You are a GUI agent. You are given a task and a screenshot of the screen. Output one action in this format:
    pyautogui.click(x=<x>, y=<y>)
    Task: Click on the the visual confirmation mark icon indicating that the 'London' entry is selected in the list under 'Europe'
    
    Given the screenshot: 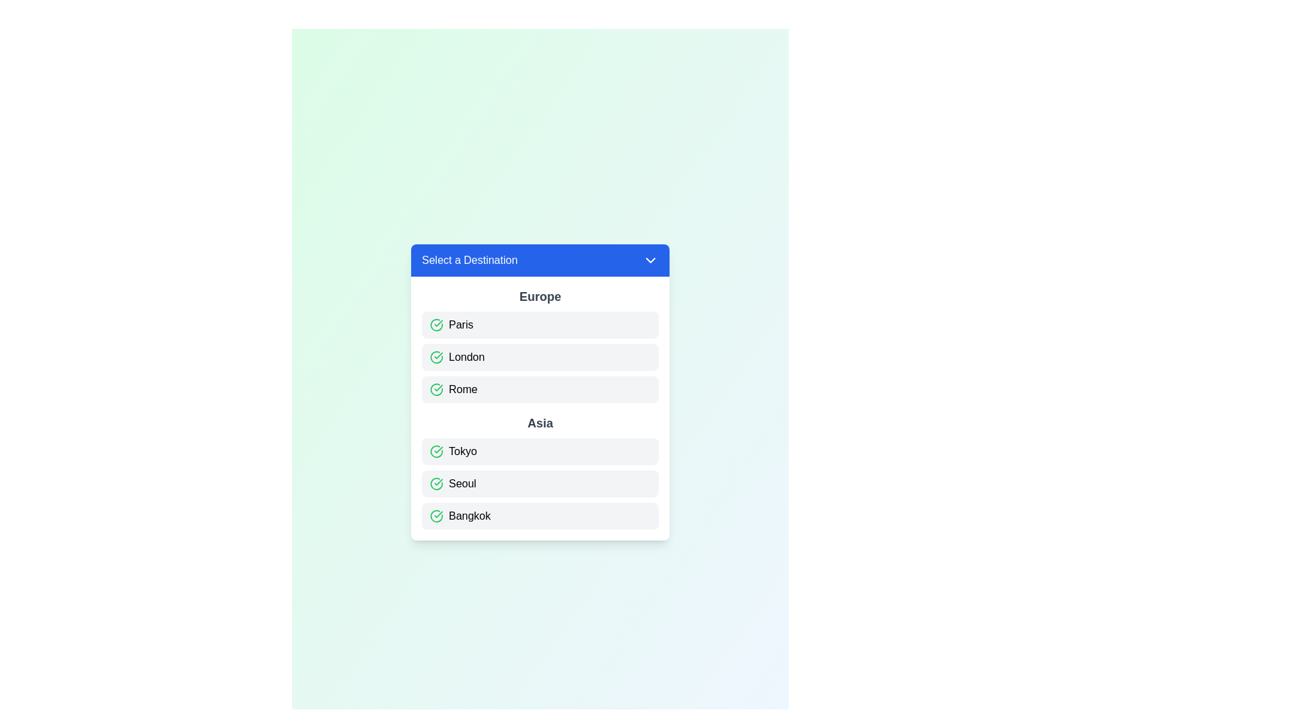 What is the action you would take?
    pyautogui.click(x=436, y=357)
    